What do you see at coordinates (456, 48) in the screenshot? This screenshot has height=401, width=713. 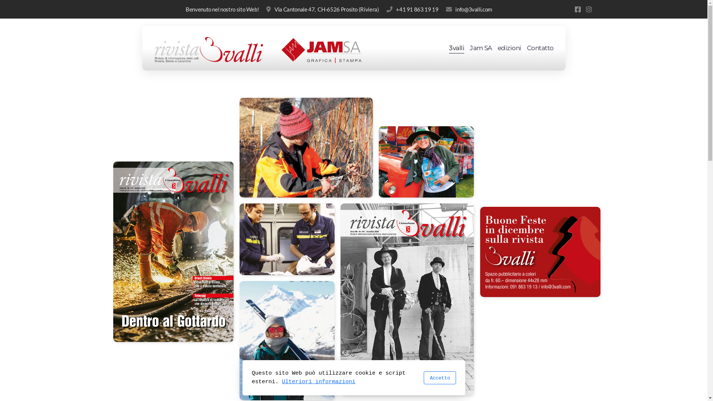 I see `'3valli'` at bounding box center [456, 48].